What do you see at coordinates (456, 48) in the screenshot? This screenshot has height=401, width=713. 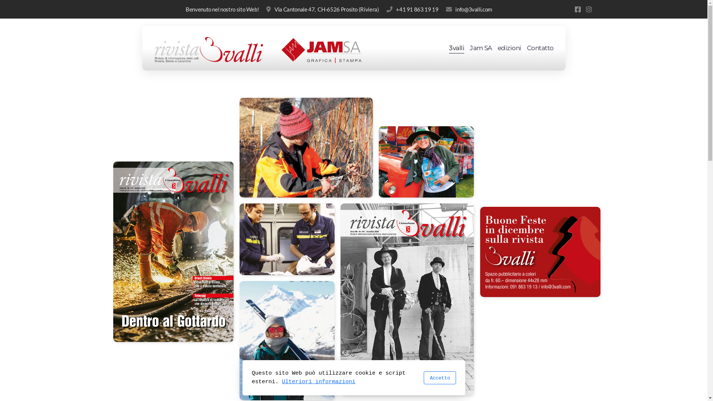 I see `'3valli'` at bounding box center [456, 48].